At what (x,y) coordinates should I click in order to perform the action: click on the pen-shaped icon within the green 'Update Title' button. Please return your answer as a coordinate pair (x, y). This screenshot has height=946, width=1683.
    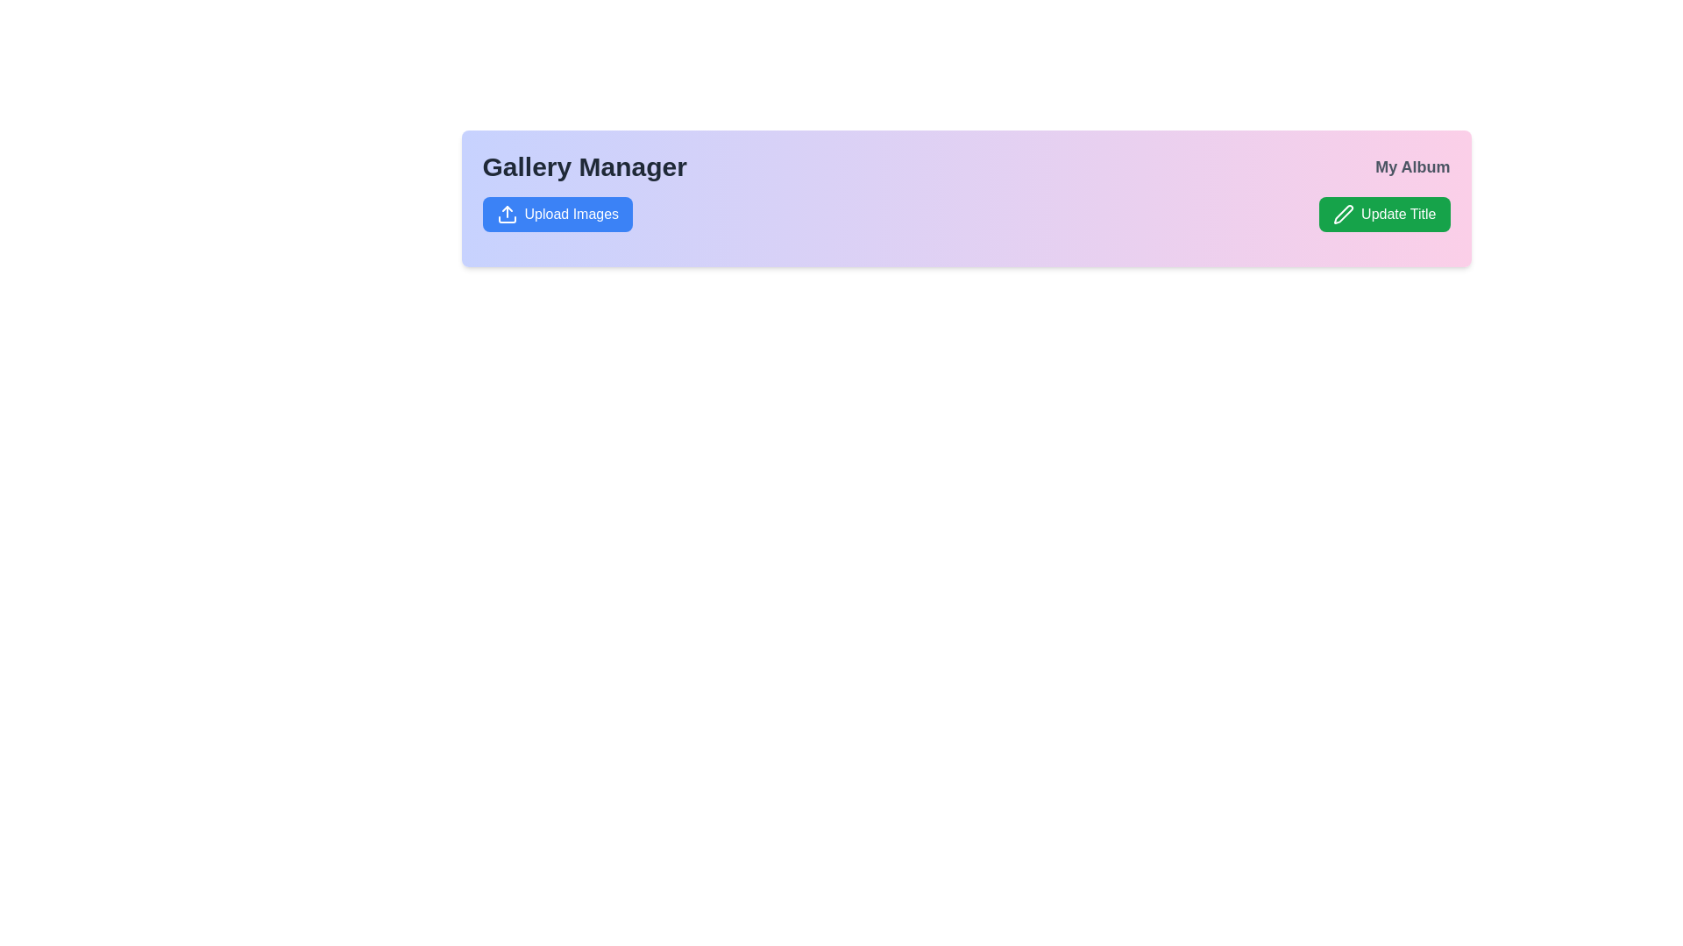
    Looking at the image, I should click on (1343, 214).